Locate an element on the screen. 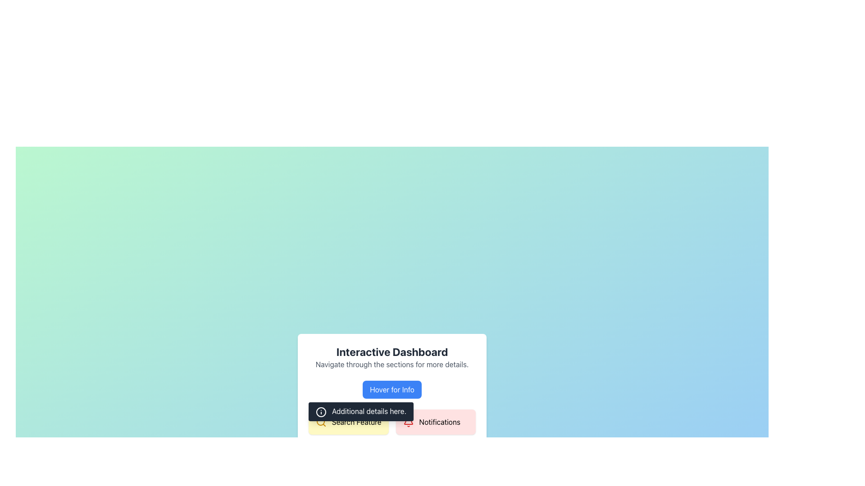 This screenshot has height=486, width=865. the prominent button located in the interactive dashboard section, which displays a tooltip with additional information when hovered over is located at coordinates (392, 389).